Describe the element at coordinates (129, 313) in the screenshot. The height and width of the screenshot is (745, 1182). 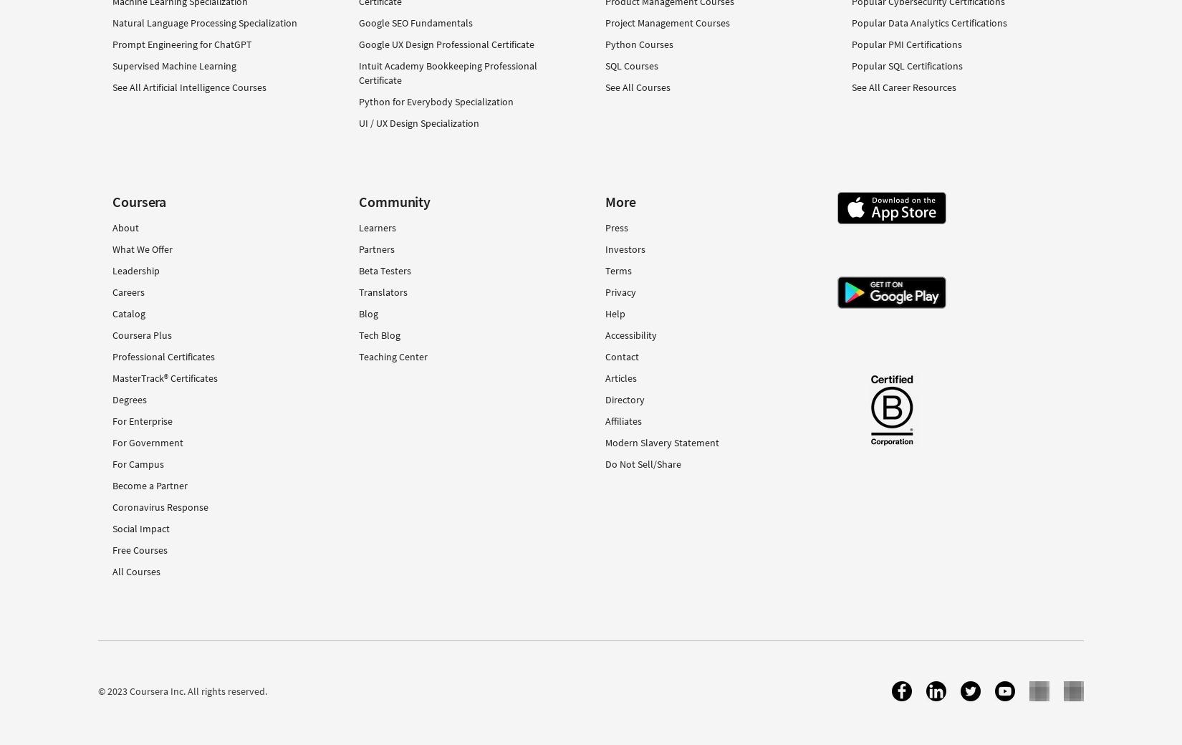
I see `'Catalog'` at that location.